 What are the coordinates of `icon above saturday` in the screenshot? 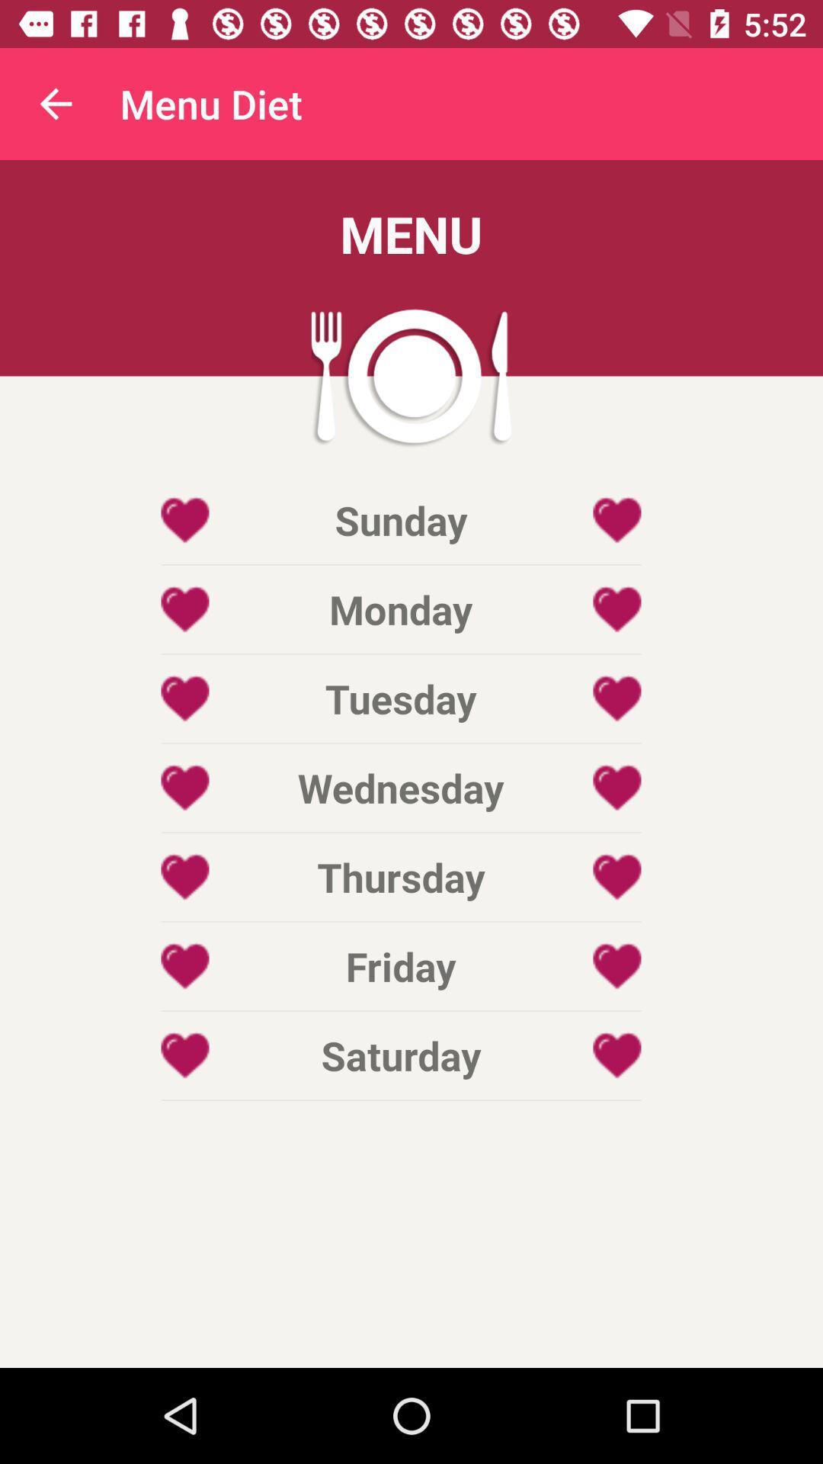 It's located at (400, 965).